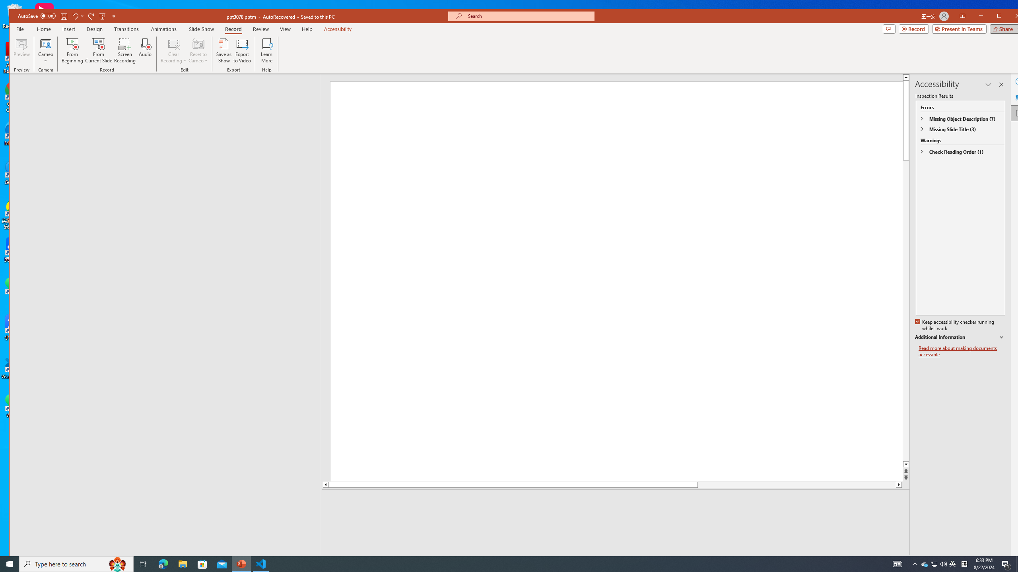 The image size is (1018, 572). I want to click on 'Export to Video', so click(243, 50).